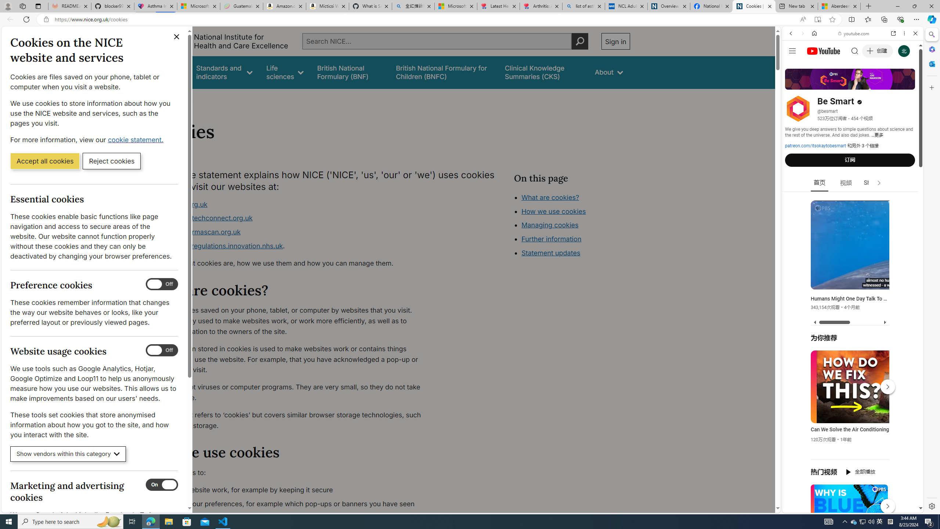  What do you see at coordinates (177, 36) in the screenshot?
I see `'Close cookie banner'` at bounding box center [177, 36].